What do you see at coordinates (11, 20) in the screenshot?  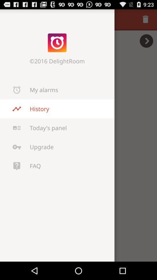 I see `the close icon` at bounding box center [11, 20].